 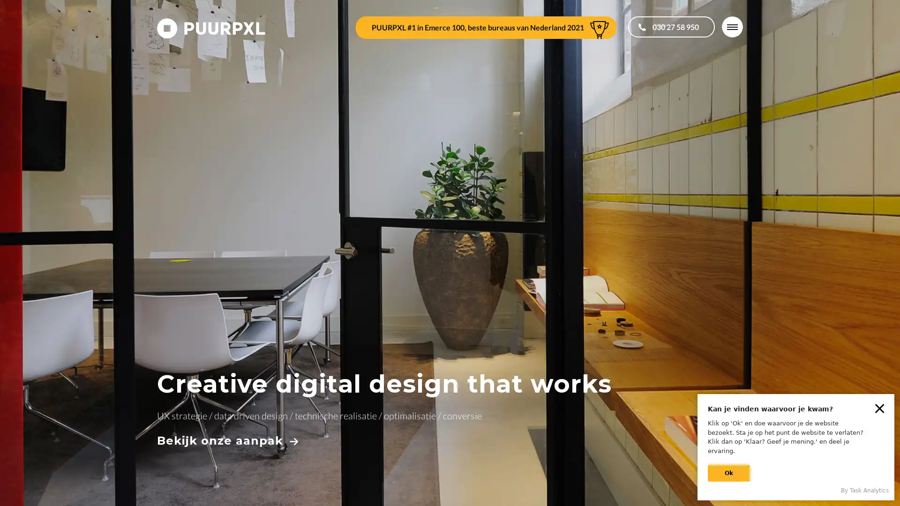 What do you see at coordinates (728, 473) in the screenshot?
I see `Ok` at bounding box center [728, 473].